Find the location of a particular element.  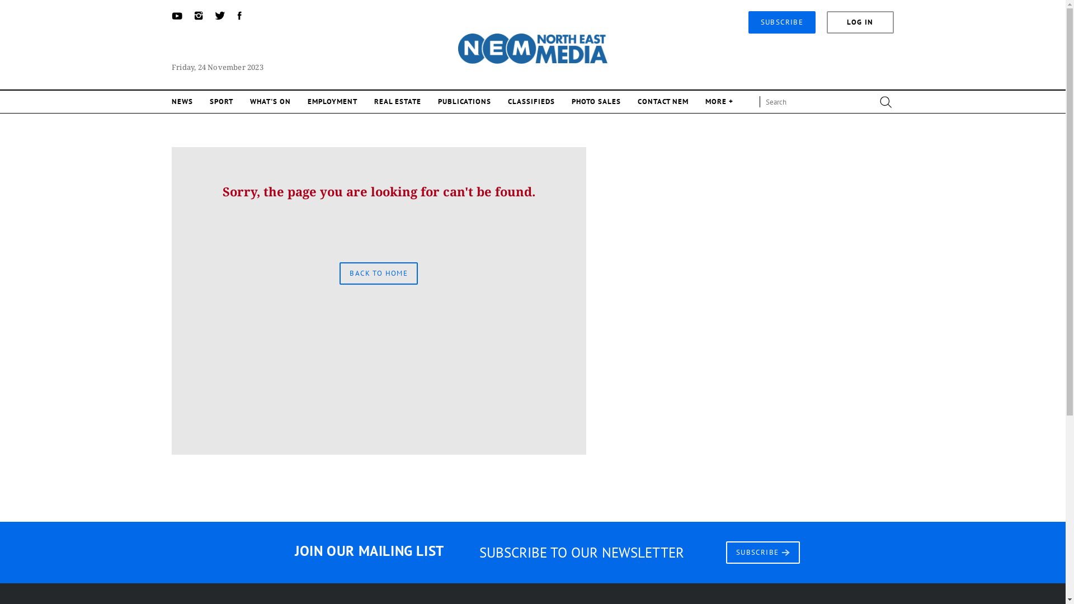

'SPORT' is located at coordinates (221, 101).